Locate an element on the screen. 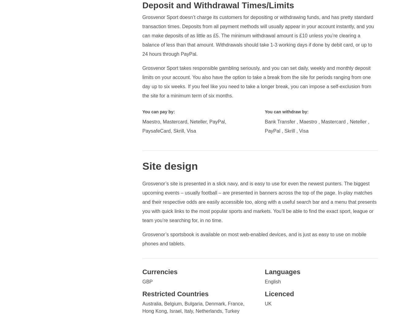 The width and height of the screenshot is (398, 318). 'Grosvenor Sport doesn’t charge its customers for depositing or withdrawing funds, and has pretty standard transaction times. Deposits from all payment methods will usually appear in your account instantly, and you can make deposits of as little as £5. The minimum withdrawal amount is £10 unless you’re clearing a balance of less than that amount. Withdrawals should take 1-3 working days if done by debit card, or up to 24 hours through PayPal.' is located at coordinates (141, 35).